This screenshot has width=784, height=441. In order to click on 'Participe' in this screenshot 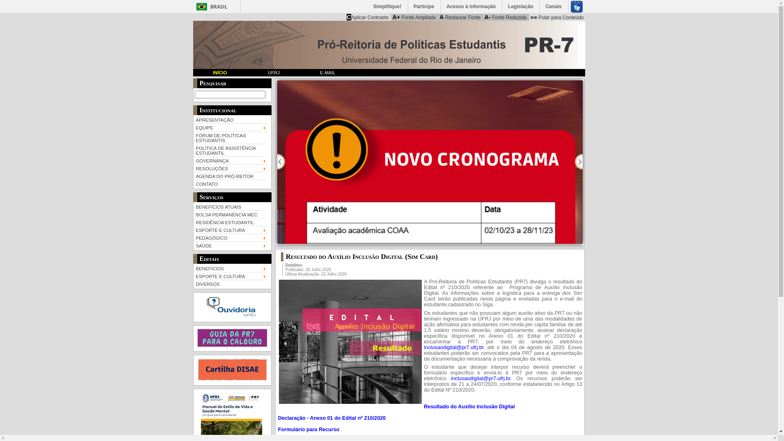, I will do `click(408, 6)`.